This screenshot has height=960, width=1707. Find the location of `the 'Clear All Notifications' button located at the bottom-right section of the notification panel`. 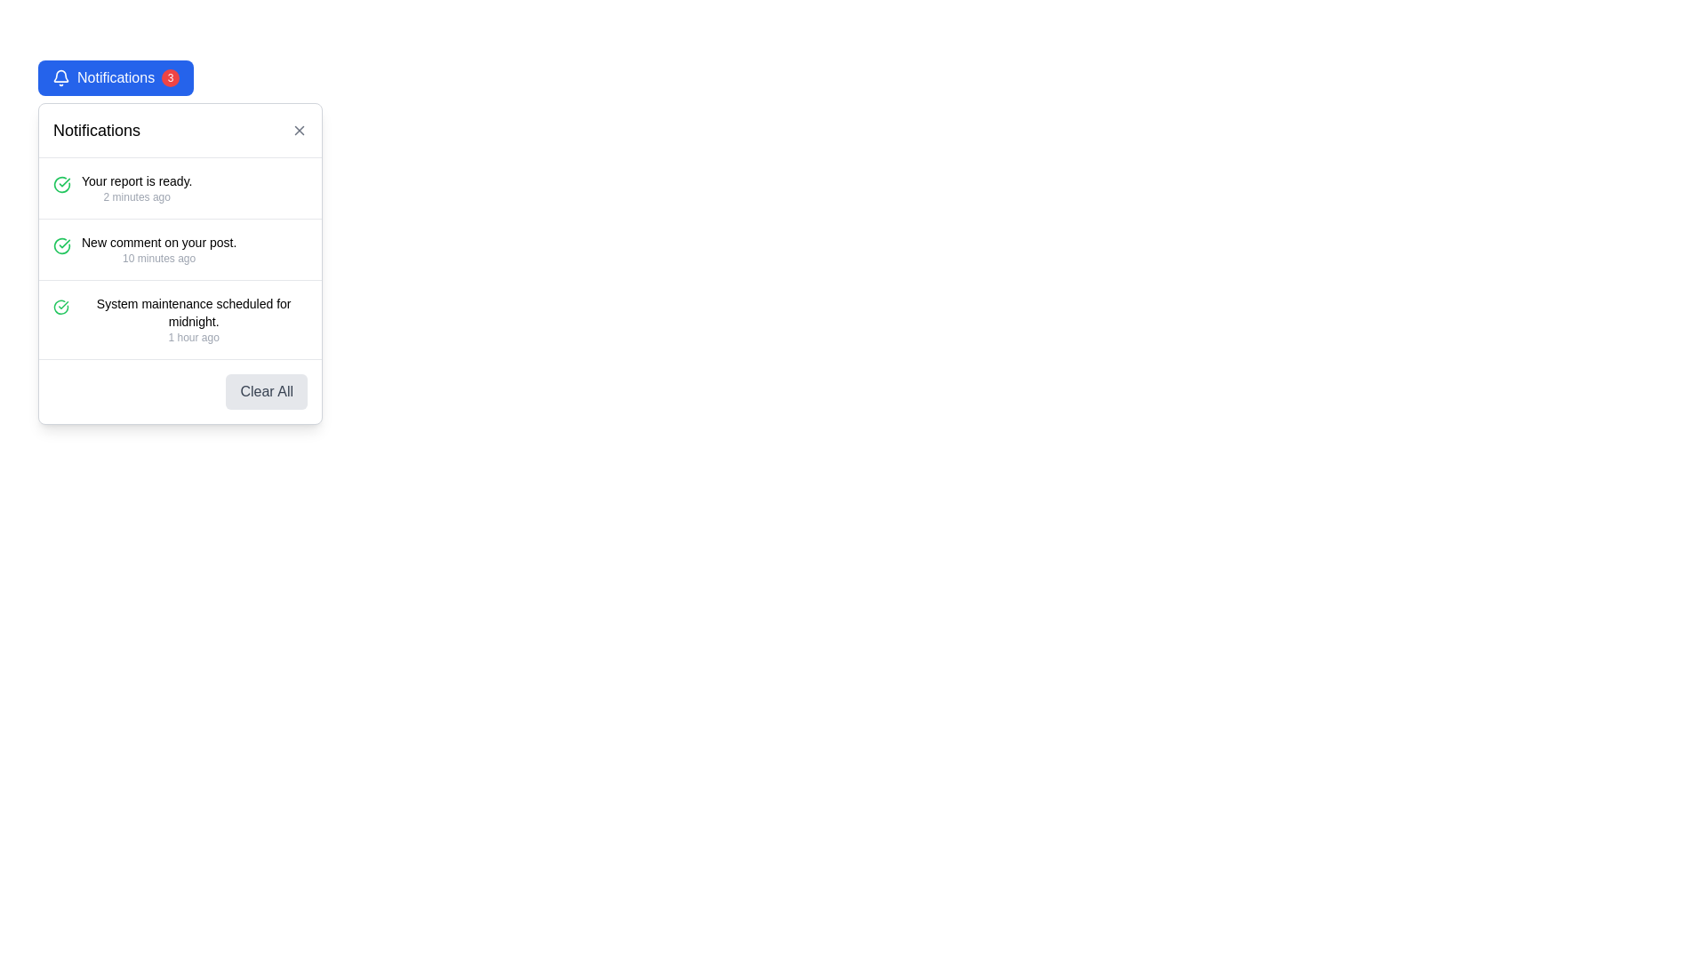

the 'Clear All Notifications' button located at the bottom-right section of the notification panel is located at coordinates (180, 389).